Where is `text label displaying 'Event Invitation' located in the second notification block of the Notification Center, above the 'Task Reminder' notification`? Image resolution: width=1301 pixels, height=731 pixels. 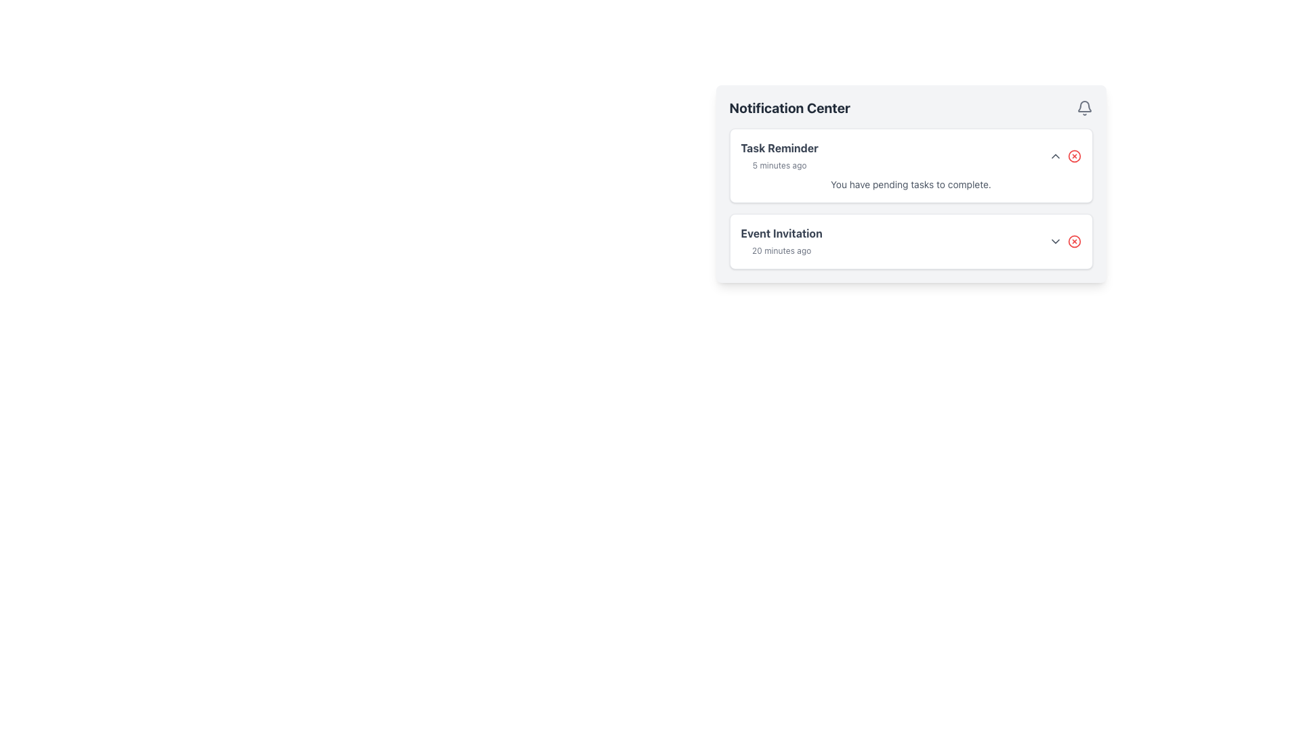 text label displaying 'Event Invitation' located in the second notification block of the Notification Center, above the 'Task Reminder' notification is located at coordinates (781, 232).